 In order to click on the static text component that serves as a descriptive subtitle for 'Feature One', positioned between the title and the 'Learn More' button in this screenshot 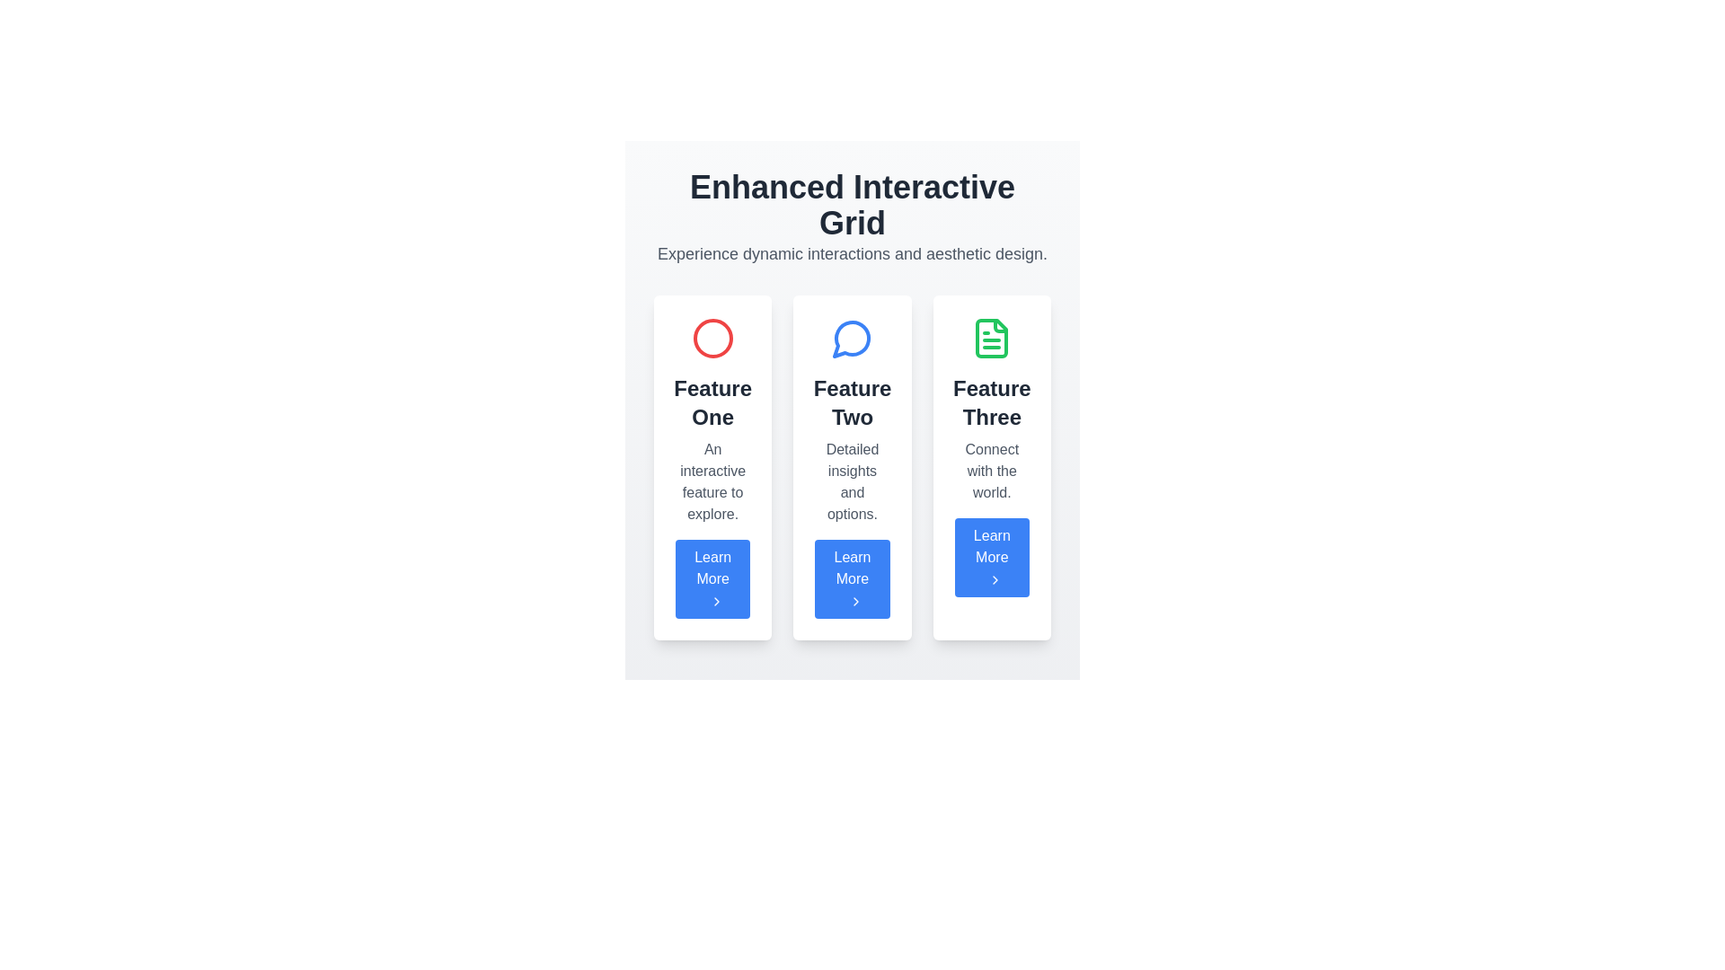, I will do `click(712, 481)`.